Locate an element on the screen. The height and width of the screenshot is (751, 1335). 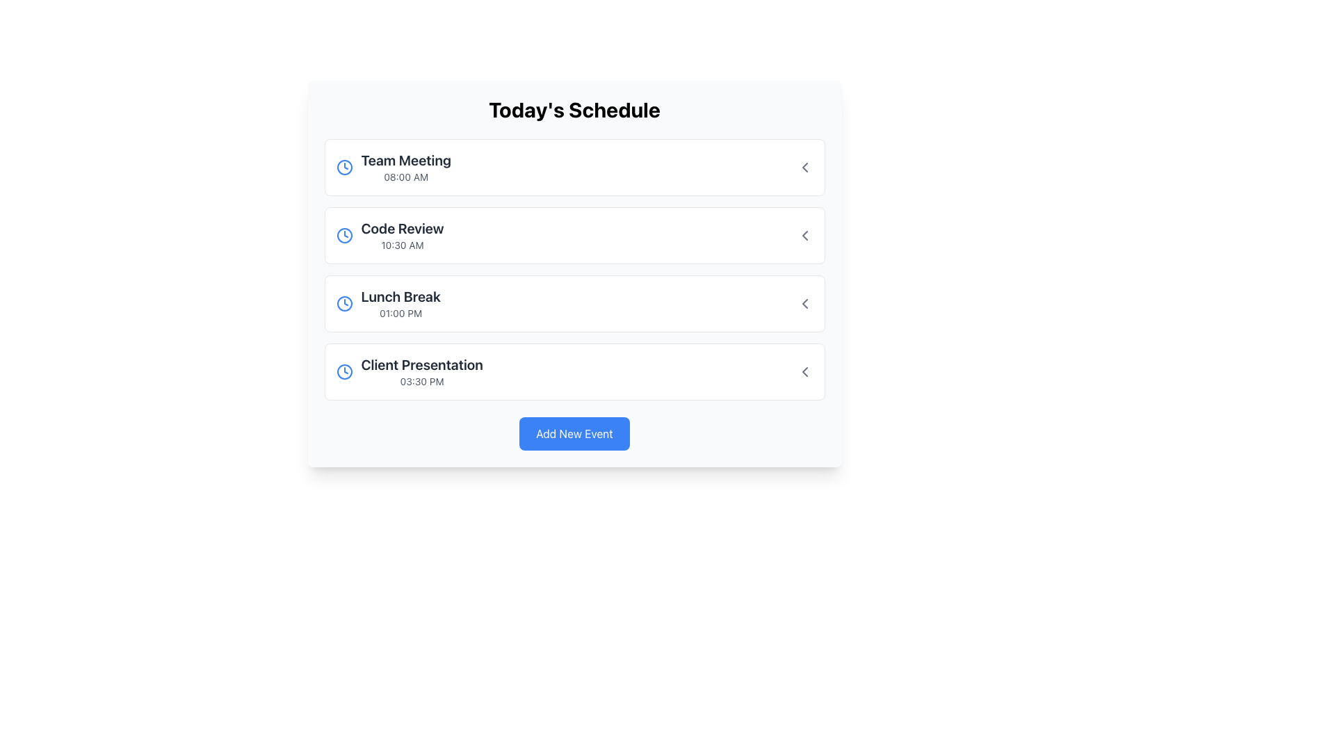
the graphical element of the clock icon that represents the 'Lunch Break' event, which is the third clock icon in the event list, located adjacent to the text 'Lunch Break' is located at coordinates (344, 302).